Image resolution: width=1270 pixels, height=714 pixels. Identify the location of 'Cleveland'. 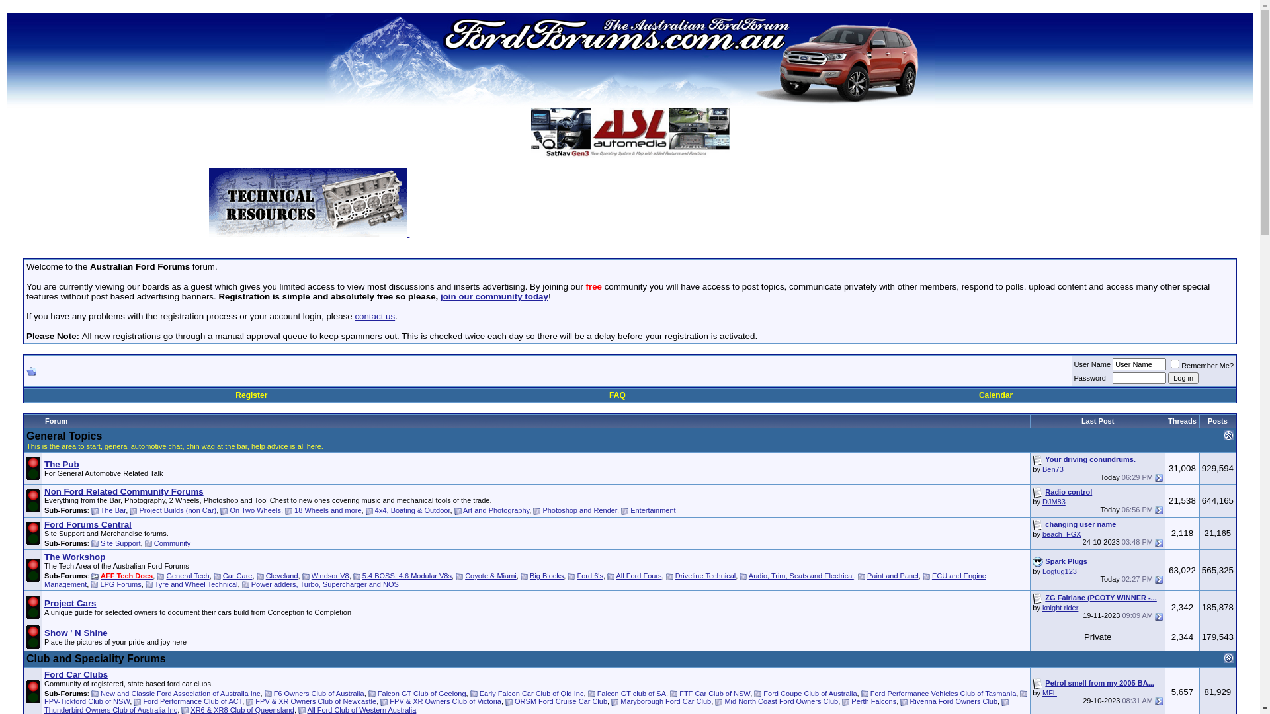
(281, 575).